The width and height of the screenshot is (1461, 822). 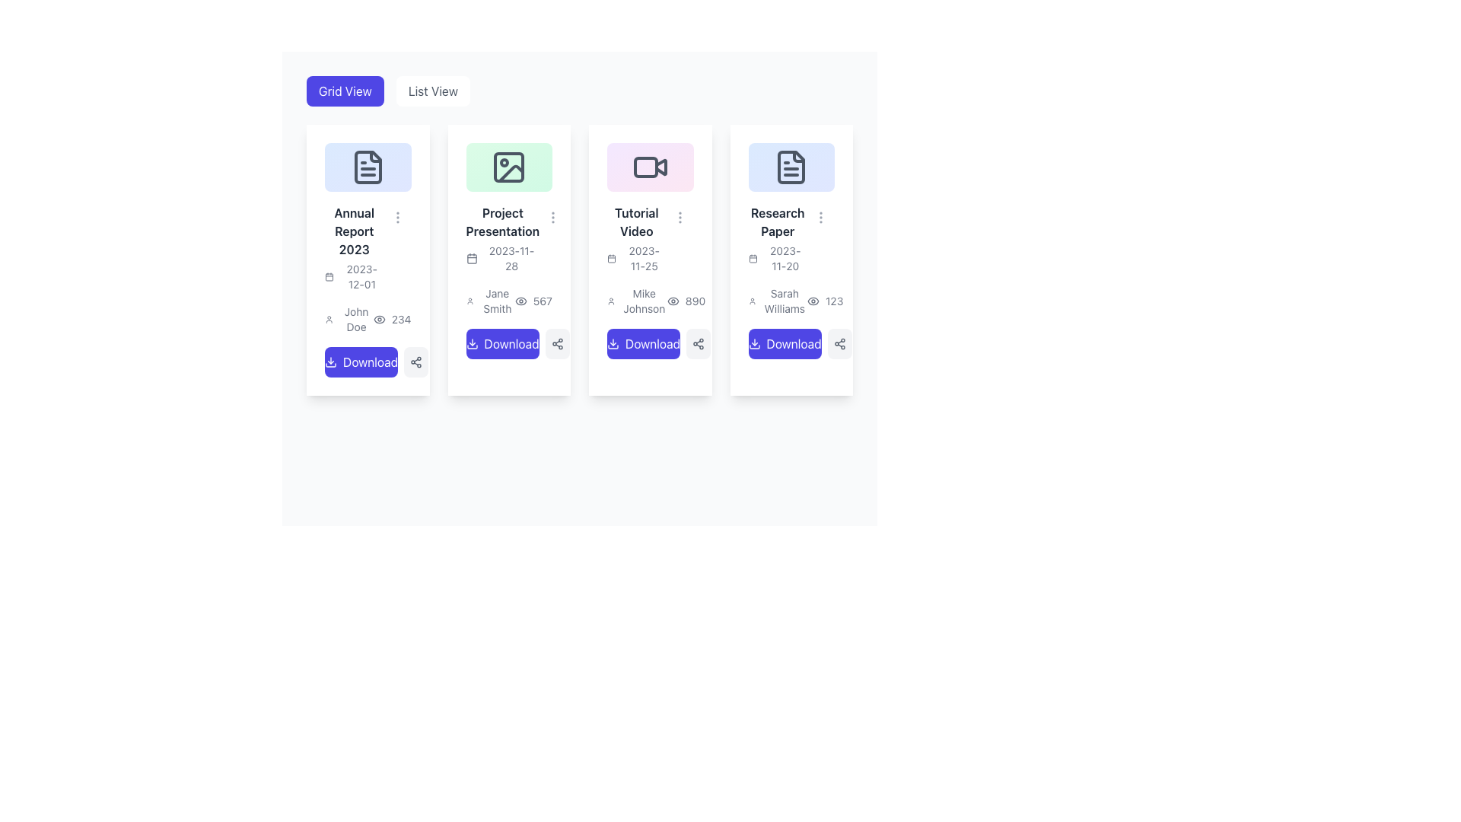 What do you see at coordinates (502, 238) in the screenshot?
I see `the text block containing 'Project Presentation' and '2023-11-28', which is part of the second card in a horizontally-arranged grid` at bounding box center [502, 238].